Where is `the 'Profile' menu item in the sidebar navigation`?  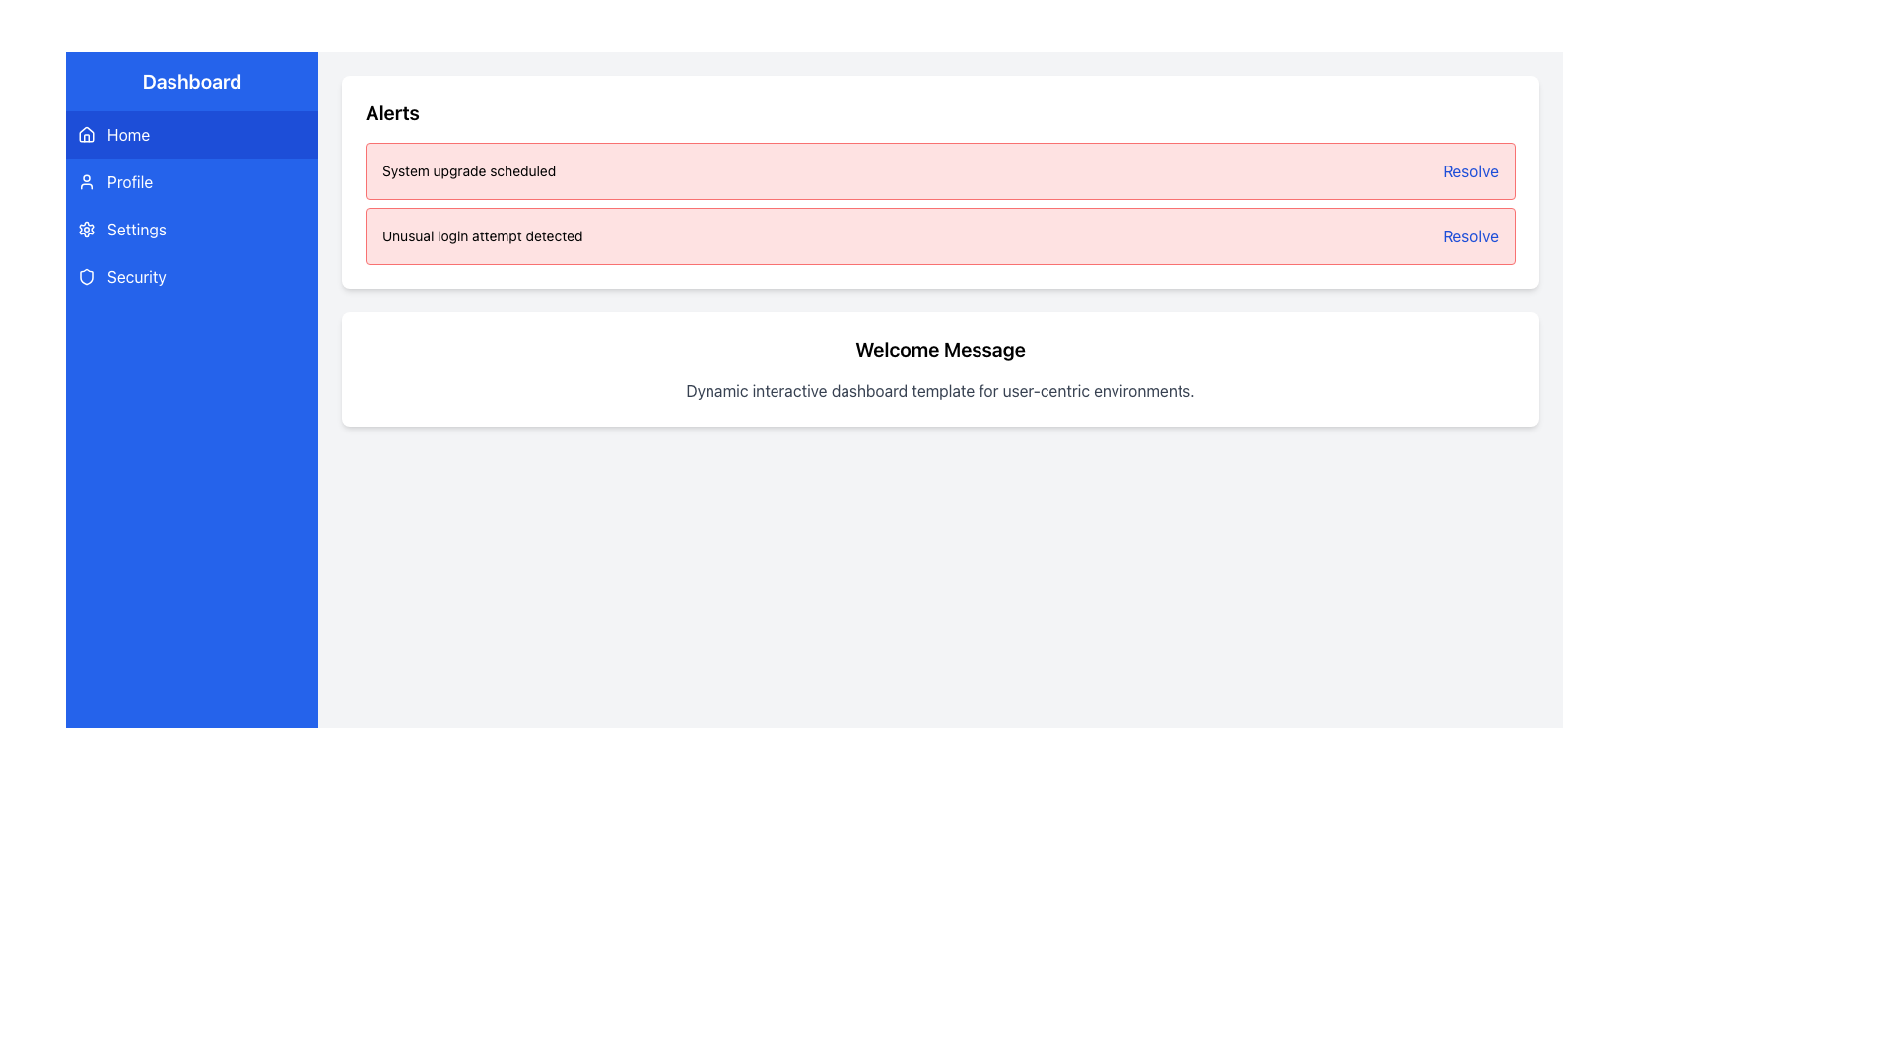
the 'Profile' menu item in the sidebar navigation is located at coordinates (192, 205).